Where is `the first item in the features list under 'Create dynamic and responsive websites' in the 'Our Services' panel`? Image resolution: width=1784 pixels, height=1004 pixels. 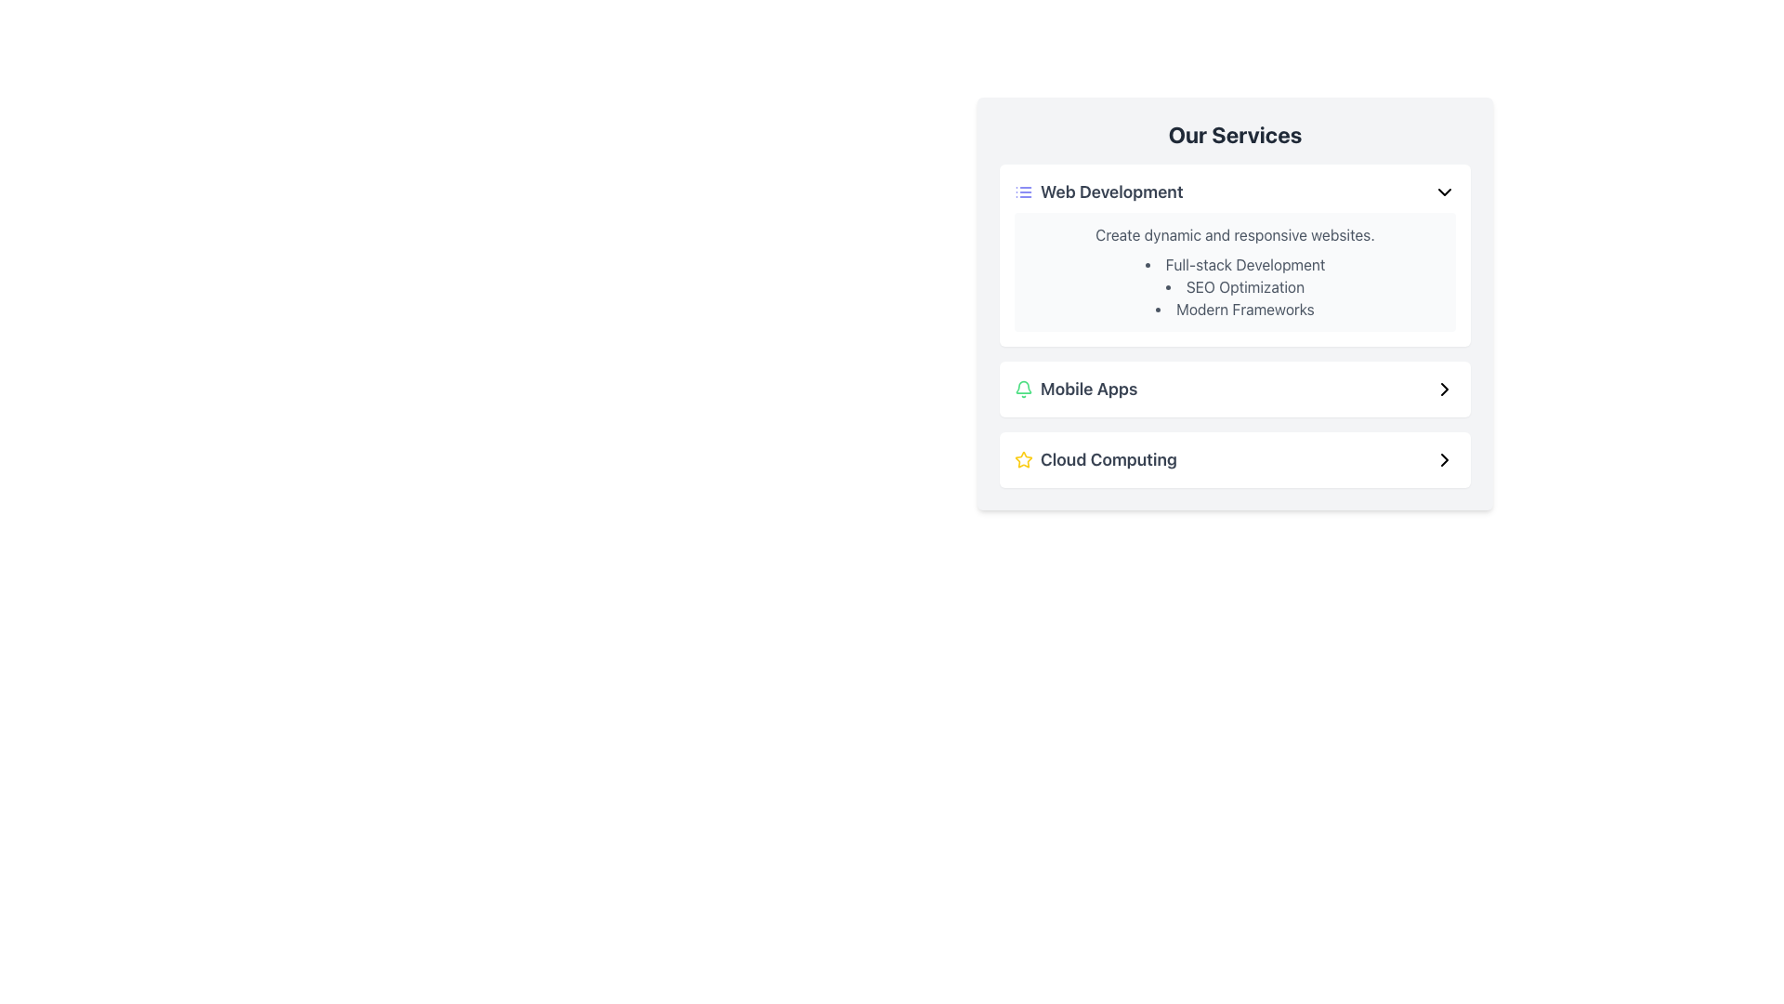
the first item in the features list under 'Create dynamic and responsive websites' in the 'Our Services' panel is located at coordinates (1235, 265).